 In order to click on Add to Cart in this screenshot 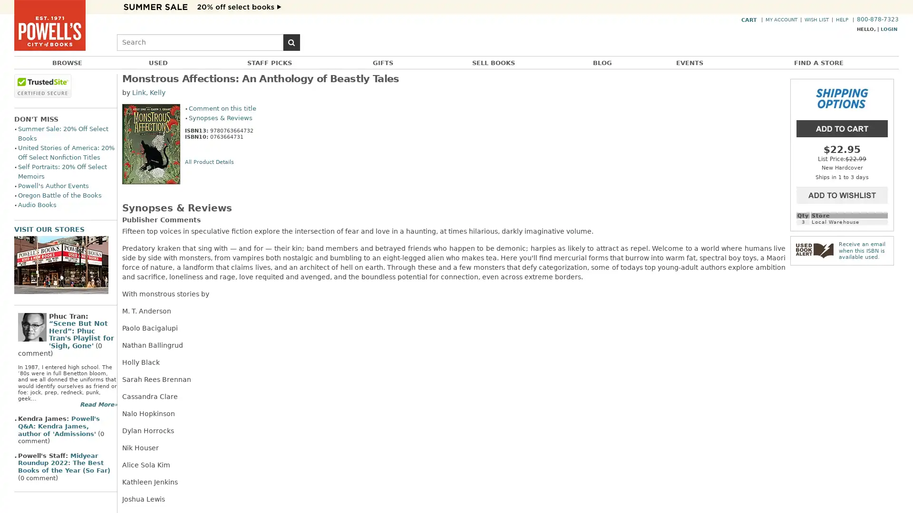, I will do `click(842, 127)`.